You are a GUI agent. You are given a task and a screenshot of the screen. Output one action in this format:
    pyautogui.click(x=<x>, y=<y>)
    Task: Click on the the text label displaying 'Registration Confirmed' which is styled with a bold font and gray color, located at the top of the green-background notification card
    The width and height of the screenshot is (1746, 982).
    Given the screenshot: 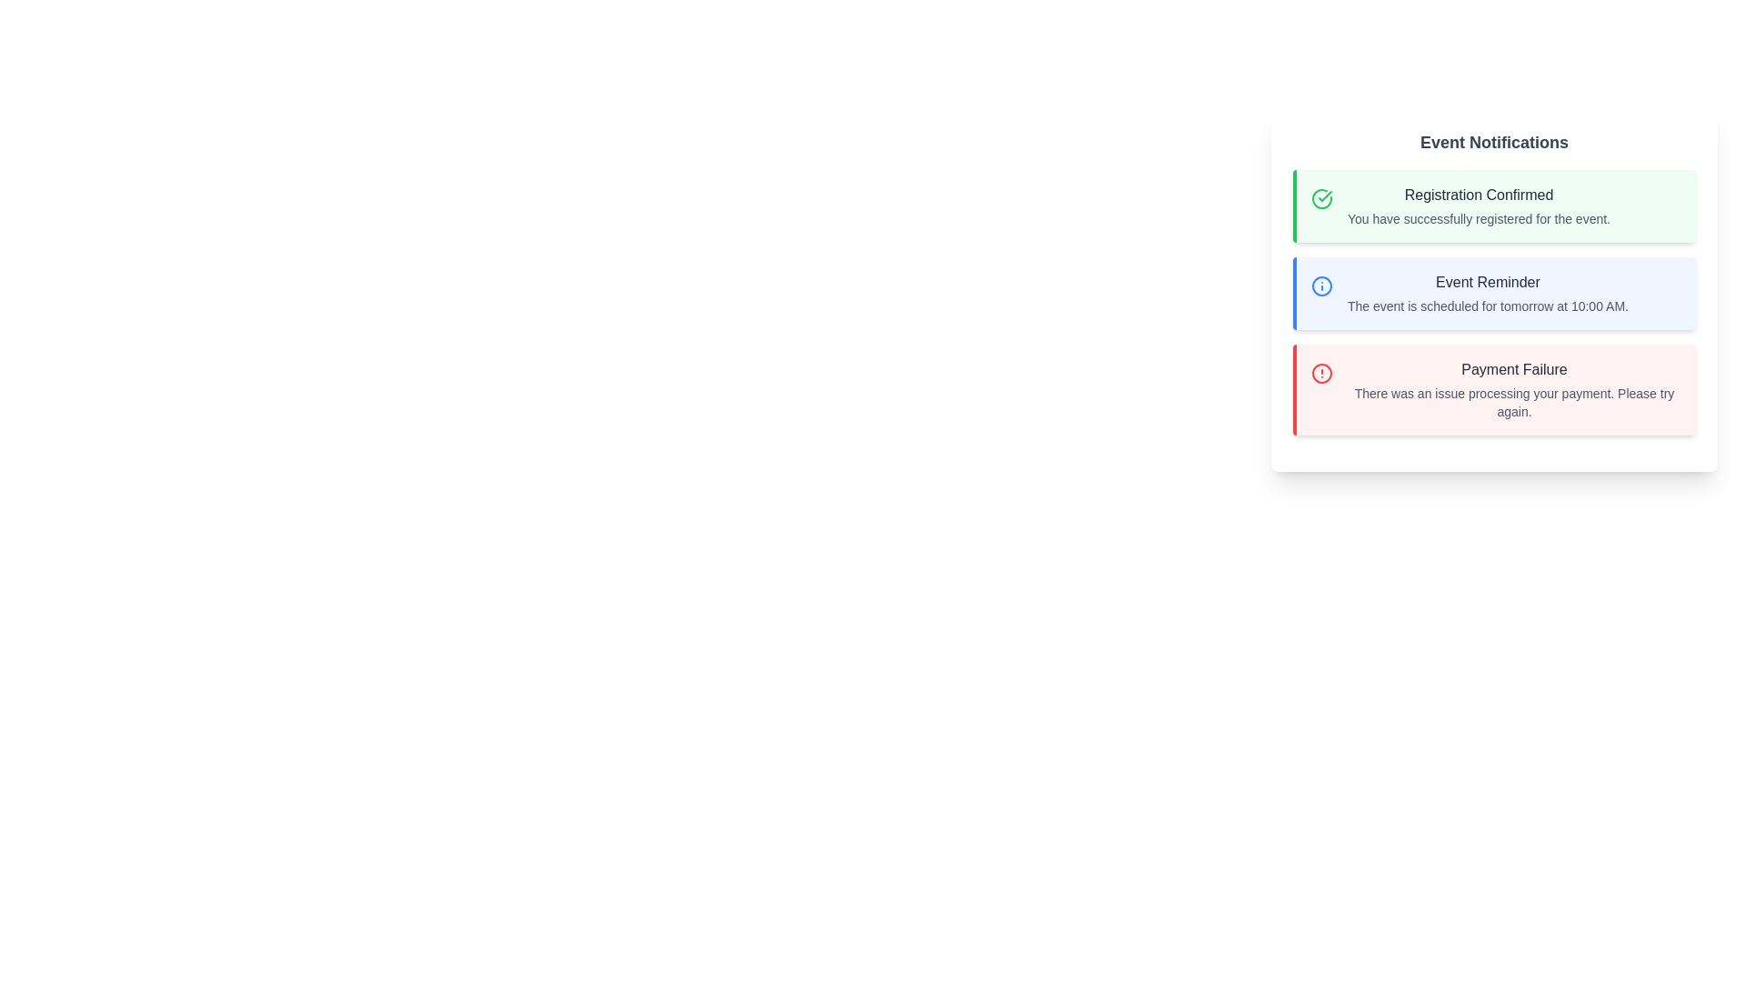 What is the action you would take?
    pyautogui.click(x=1479, y=195)
    